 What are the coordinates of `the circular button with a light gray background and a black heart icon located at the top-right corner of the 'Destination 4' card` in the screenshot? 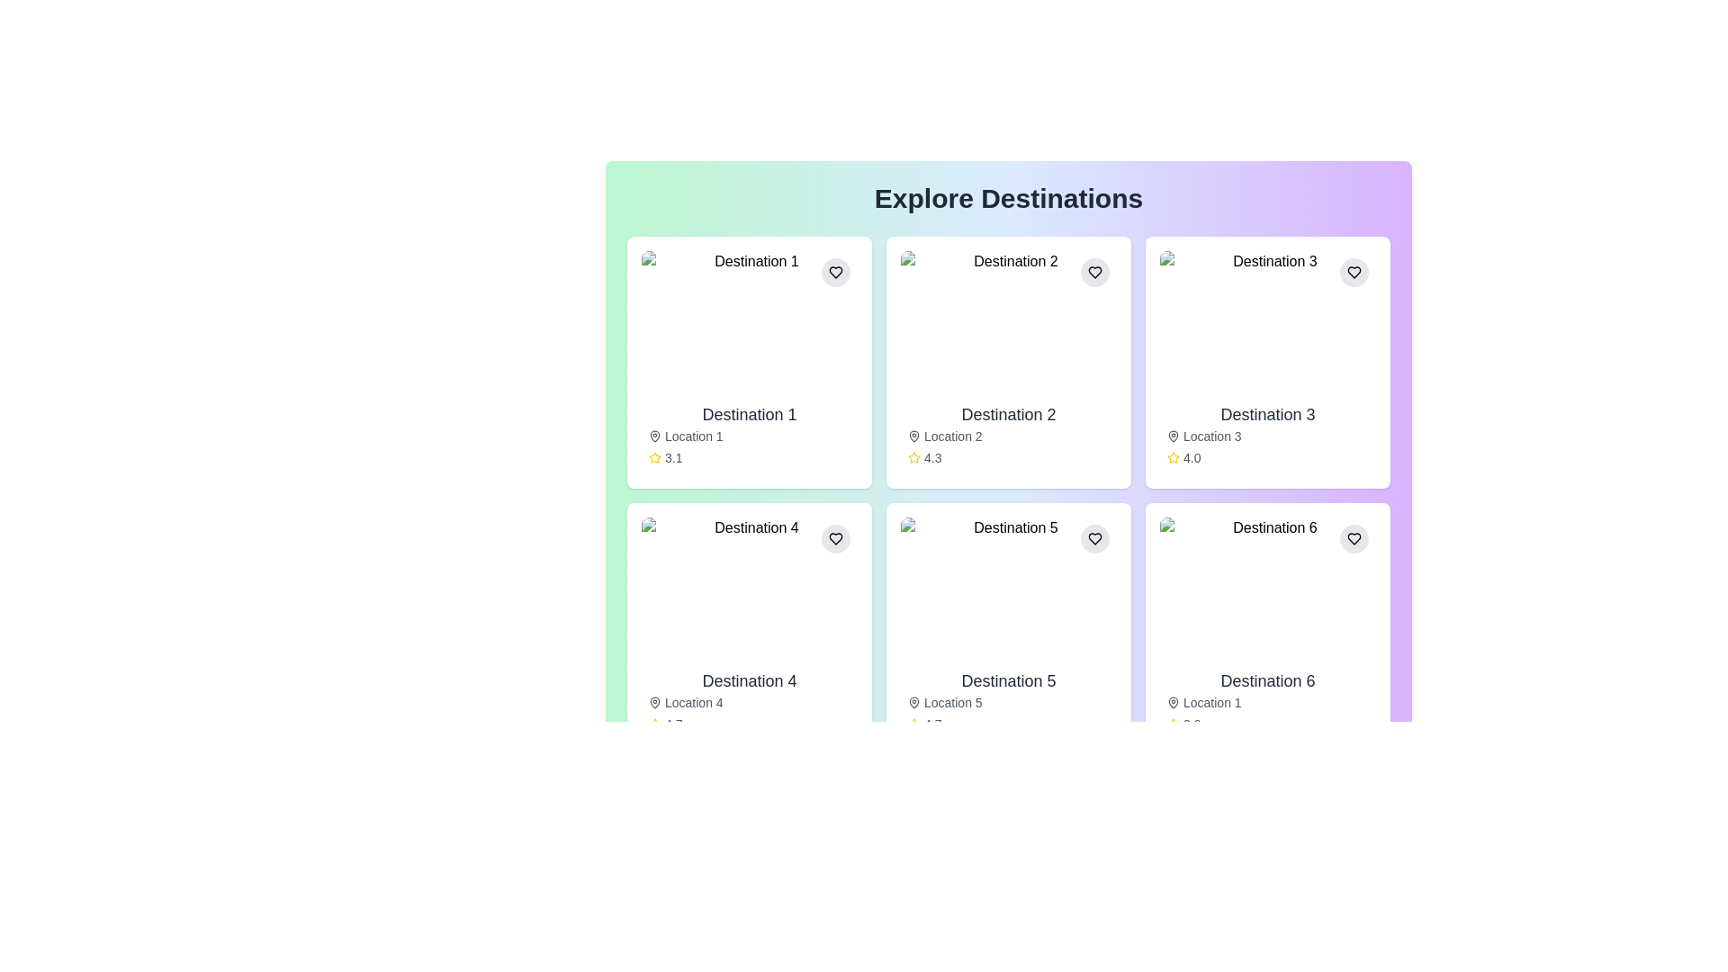 It's located at (835, 537).